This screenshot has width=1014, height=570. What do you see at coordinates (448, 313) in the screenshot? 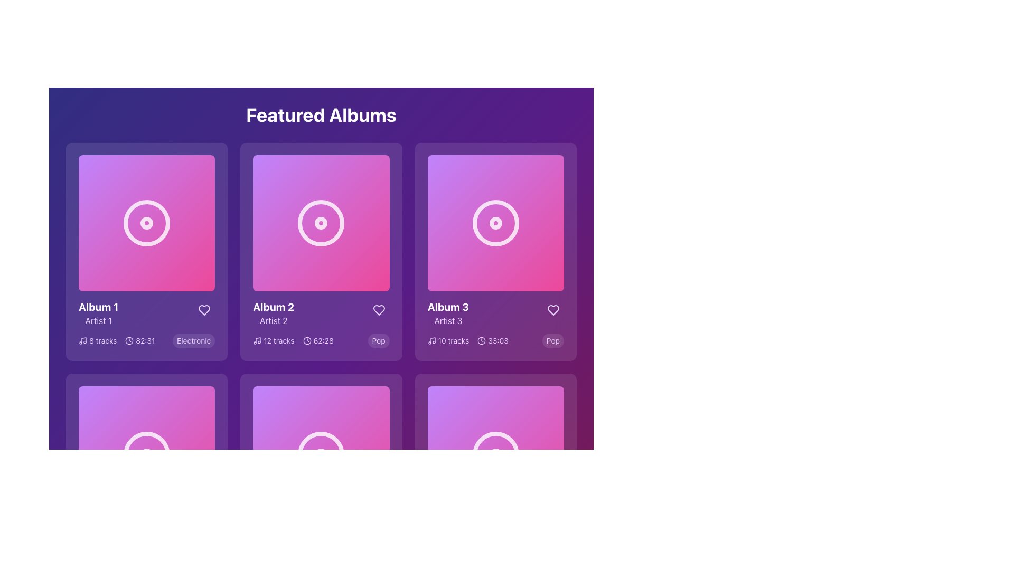
I see `text content of the Text label displaying album and artist information, which shows 'Album 3' in bold white and 'Artist 3' in lighter purple` at bounding box center [448, 313].